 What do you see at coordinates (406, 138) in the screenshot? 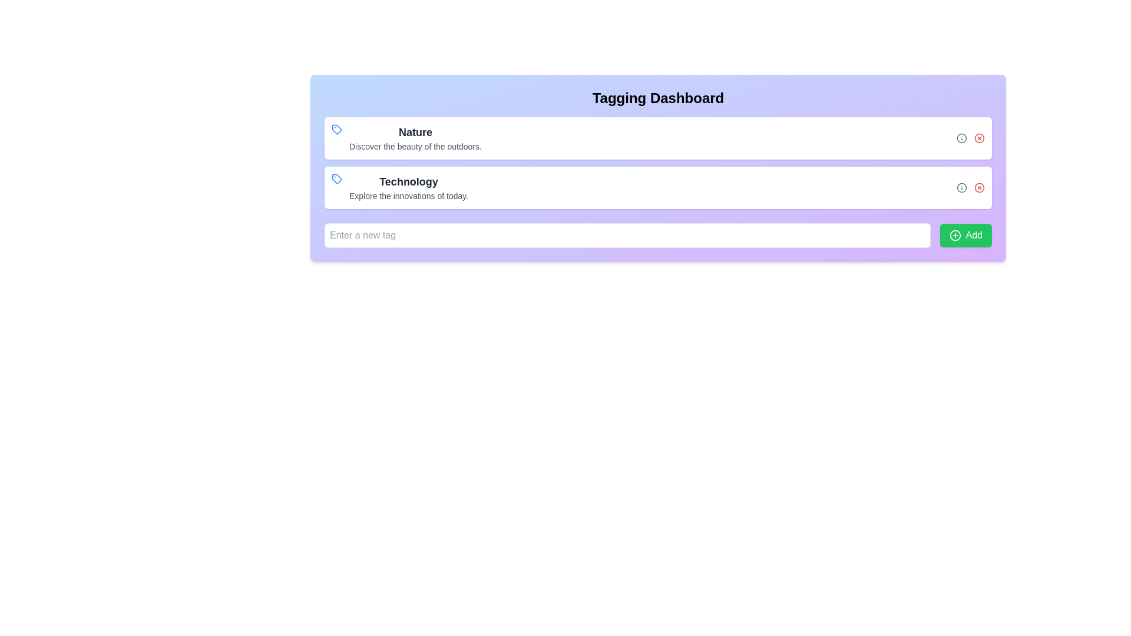
I see `the text block with the heading 'Nature' and the tag icon` at bounding box center [406, 138].